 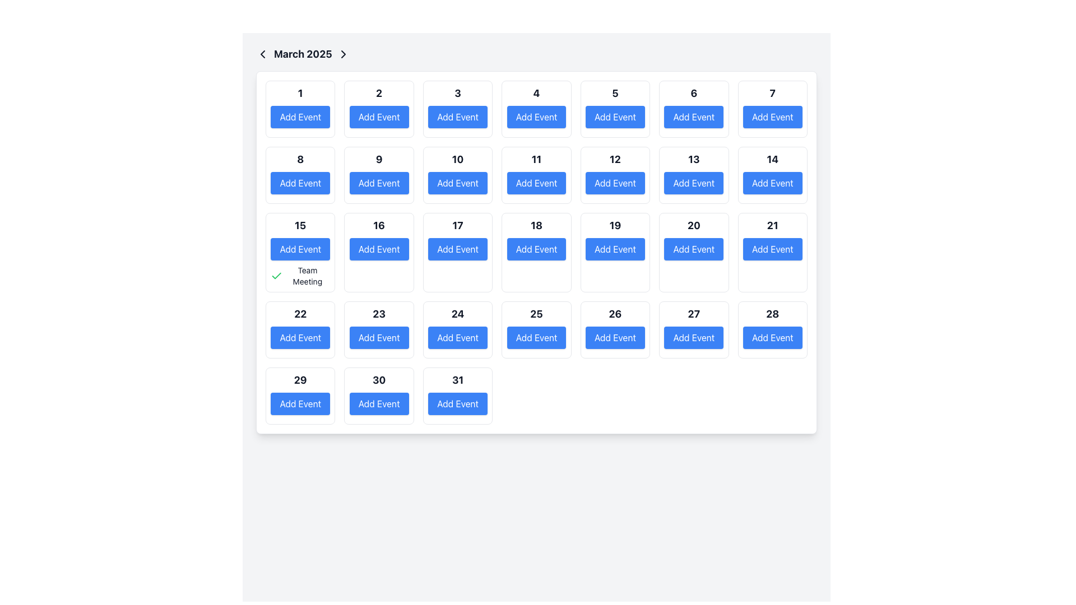 I want to click on the calendar day element labeled '2' which includes an 'Add Event' button for keyboard interaction, so click(x=379, y=109).